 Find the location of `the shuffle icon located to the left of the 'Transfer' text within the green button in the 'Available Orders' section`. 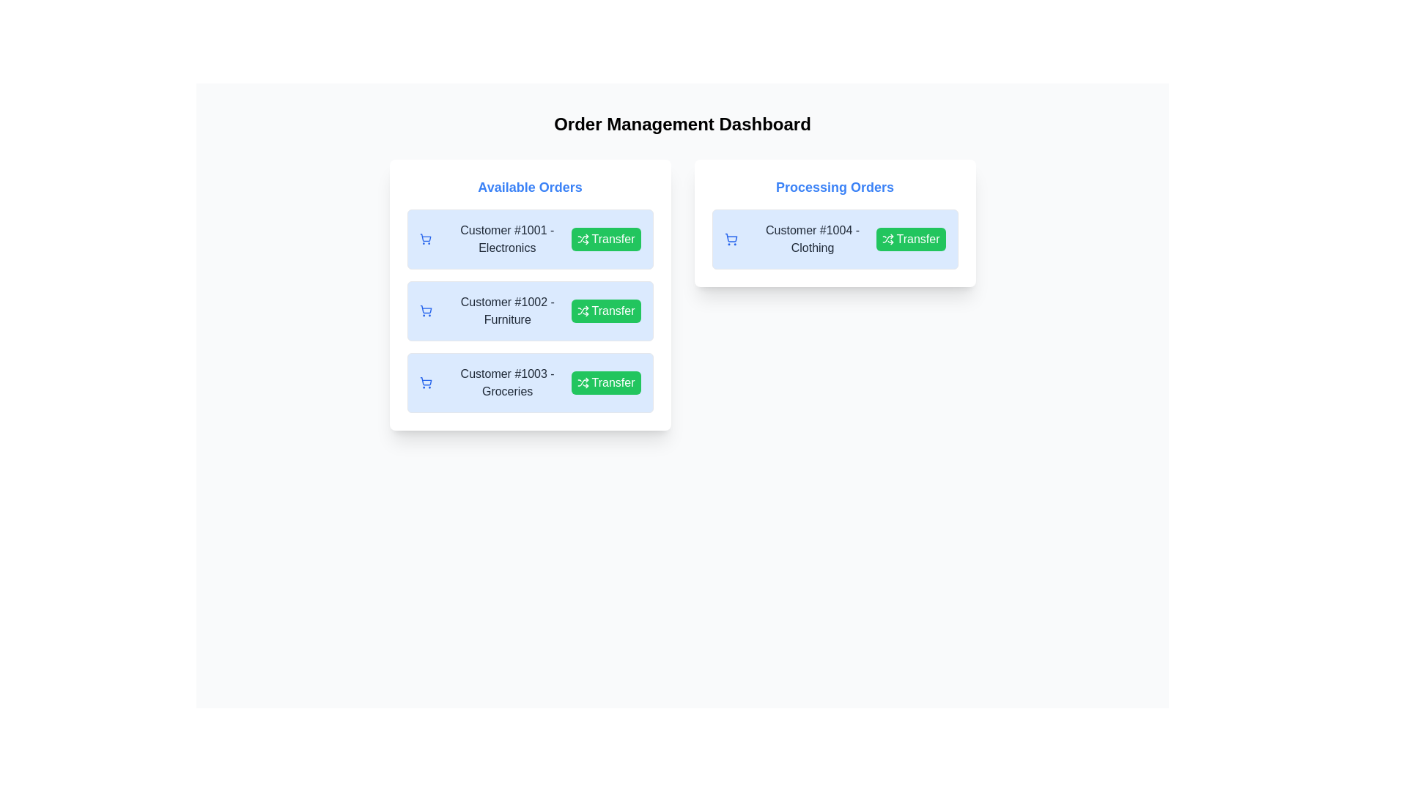

the shuffle icon located to the left of the 'Transfer' text within the green button in the 'Available Orders' section is located at coordinates (582, 239).